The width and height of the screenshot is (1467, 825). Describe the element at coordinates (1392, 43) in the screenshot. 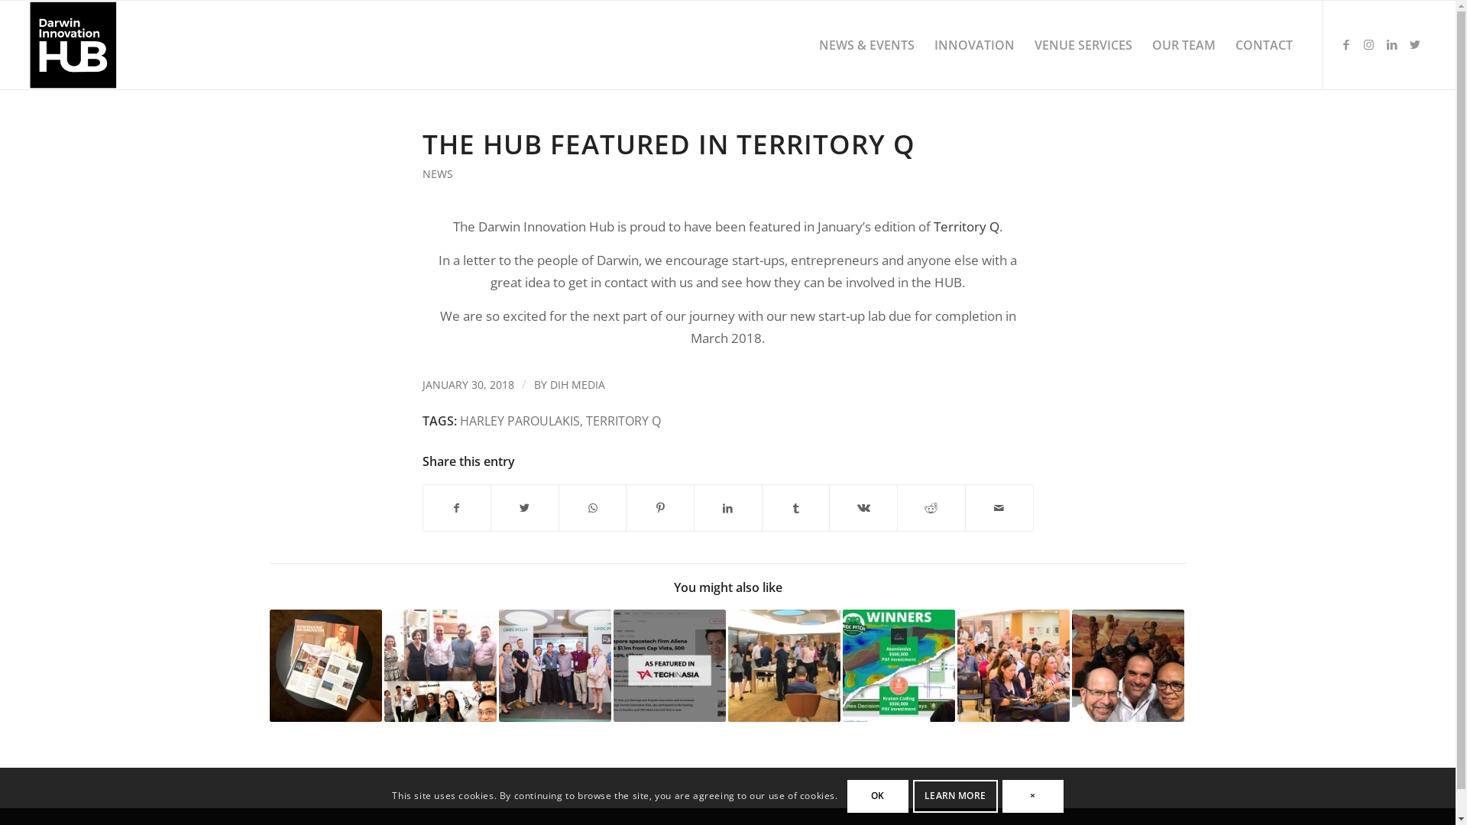

I see `'LinkedIn'` at that location.